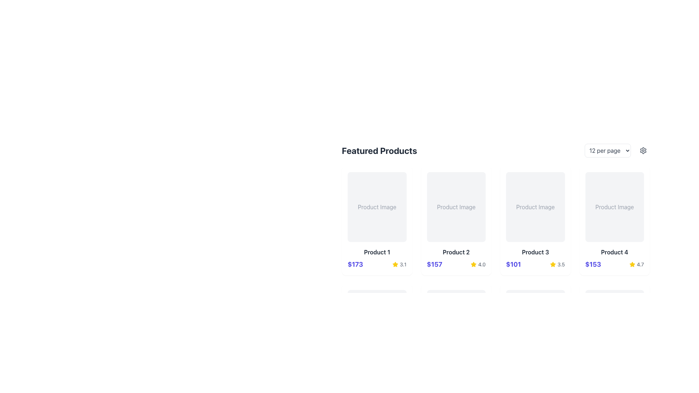  Describe the element at coordinates (513, 264) in the screenshot. I see `the price indicator text label for 'Product 3' located to the left of the rating group with a score of '3.5'` at that location.